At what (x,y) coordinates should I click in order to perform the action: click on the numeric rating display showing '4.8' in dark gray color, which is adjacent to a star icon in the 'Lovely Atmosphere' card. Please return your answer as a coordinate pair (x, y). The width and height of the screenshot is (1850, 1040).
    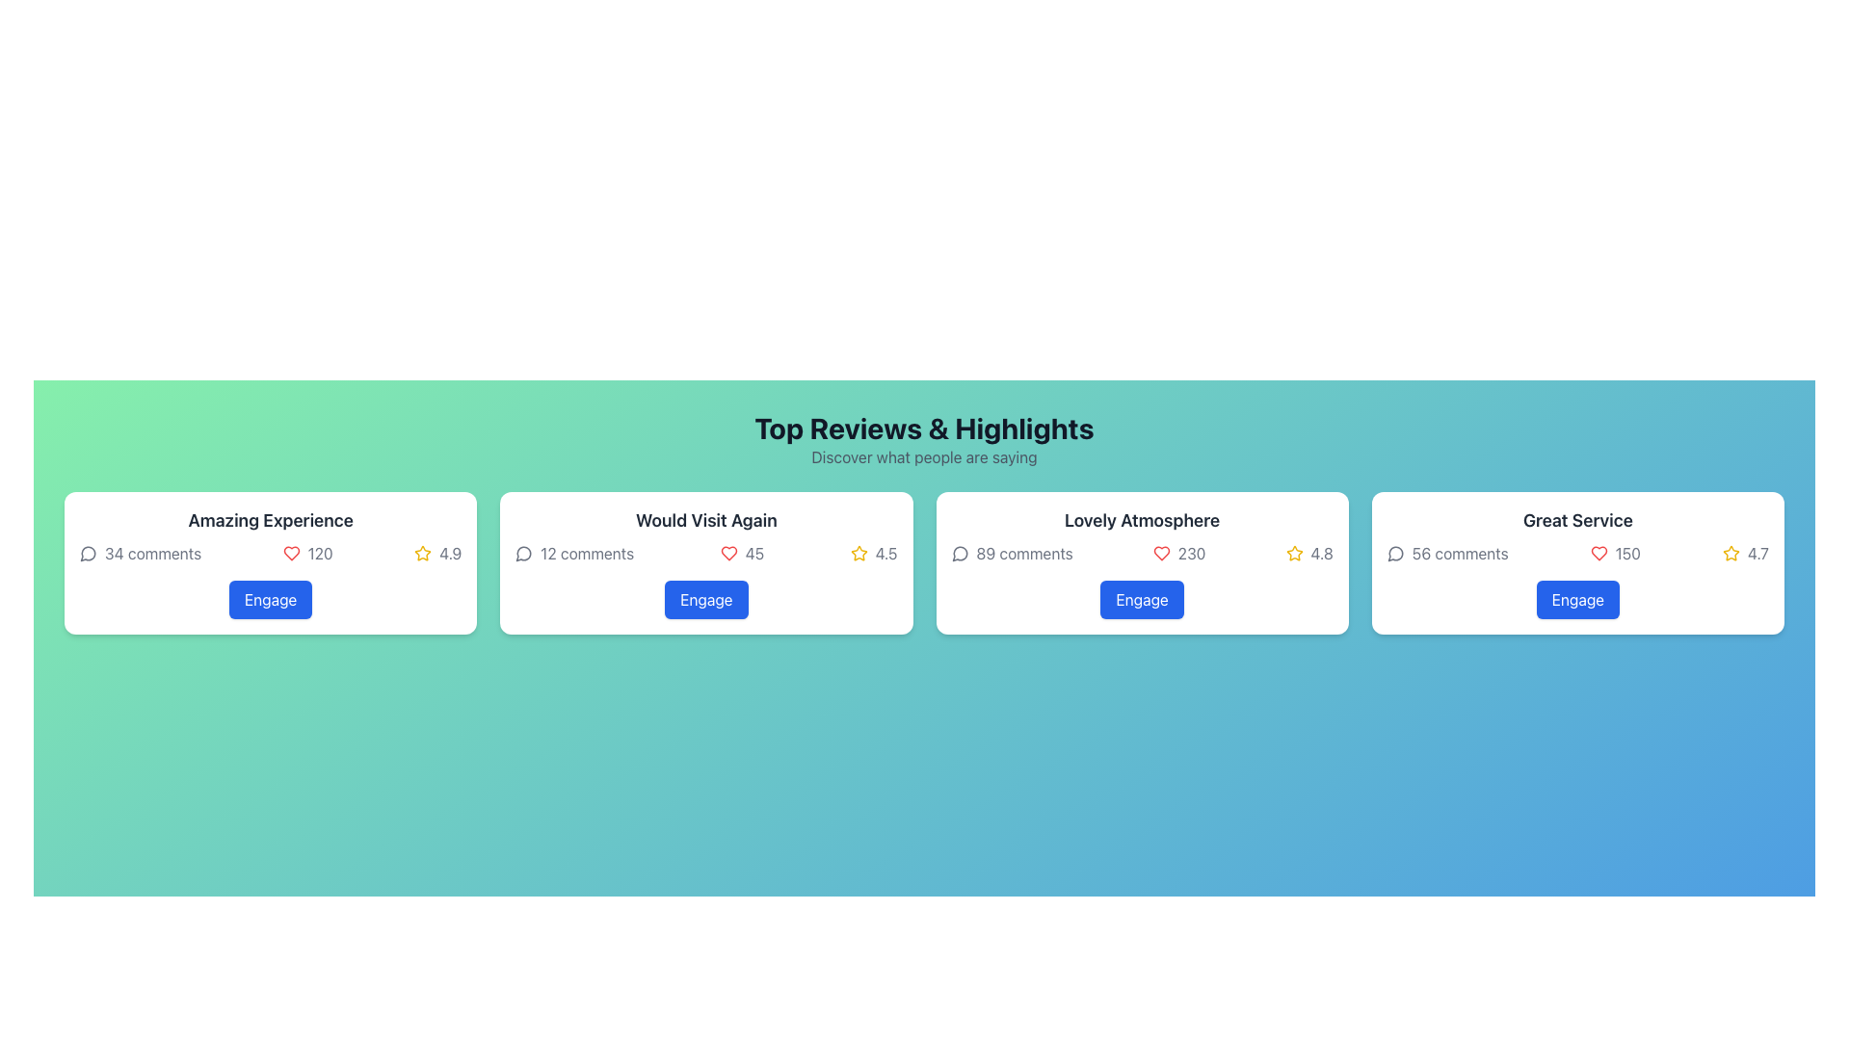
    Looking at the image, I should click on (1321, 553).